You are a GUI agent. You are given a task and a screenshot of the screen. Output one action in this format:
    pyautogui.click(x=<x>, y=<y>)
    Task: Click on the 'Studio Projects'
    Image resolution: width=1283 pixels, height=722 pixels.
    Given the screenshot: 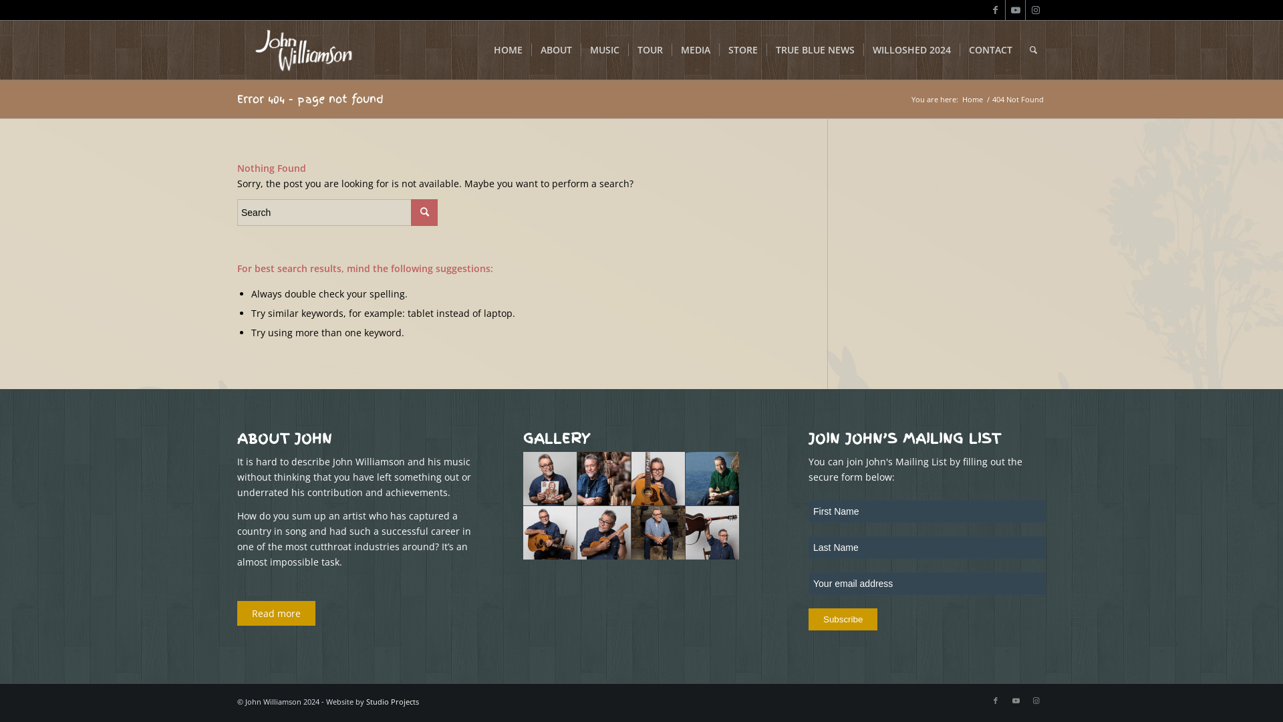 What is the action you would take?
    pyautogui.click(x=392, y=701)
    